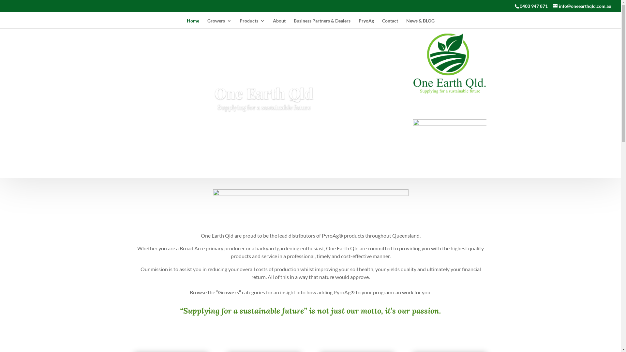 This screenshot has width=626, height=352. I want to click on 'Products', so click(251, 23).